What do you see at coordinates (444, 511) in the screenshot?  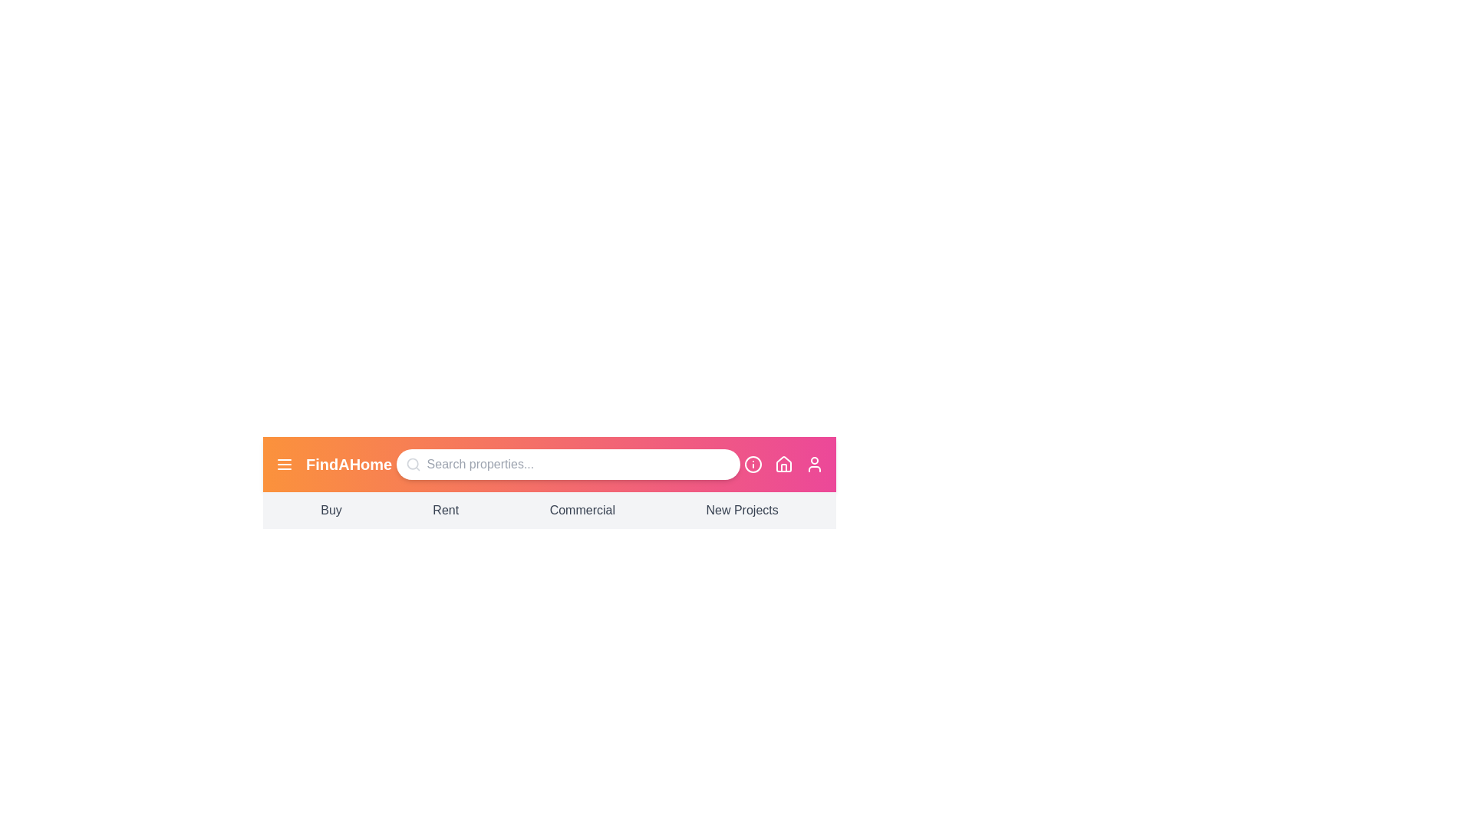 I see `the property category Rent by clicking on its respective label` at bounding box center [444, 511].